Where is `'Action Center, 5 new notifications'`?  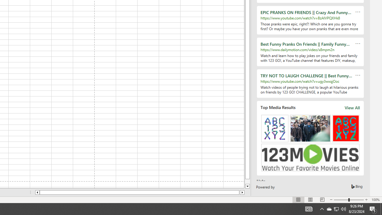
'Action Center, 5 new notifications' is located at coordinates (373, 208).